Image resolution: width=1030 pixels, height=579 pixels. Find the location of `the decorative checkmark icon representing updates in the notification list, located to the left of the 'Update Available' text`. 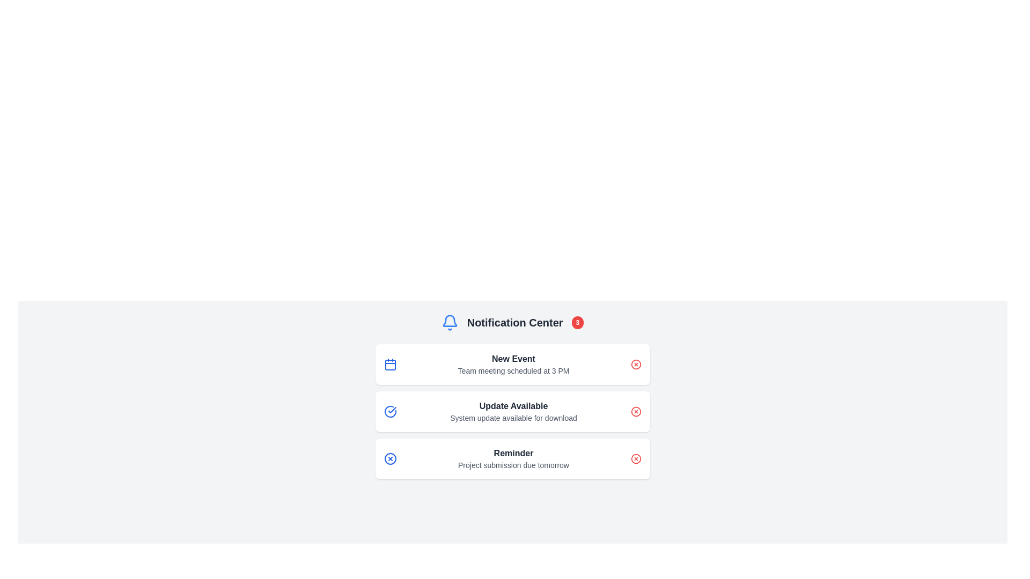

the decorative checkmark icon representing updates in the notification list, located to the left of the 'Update Available' text is located at coordinates (389, 411).